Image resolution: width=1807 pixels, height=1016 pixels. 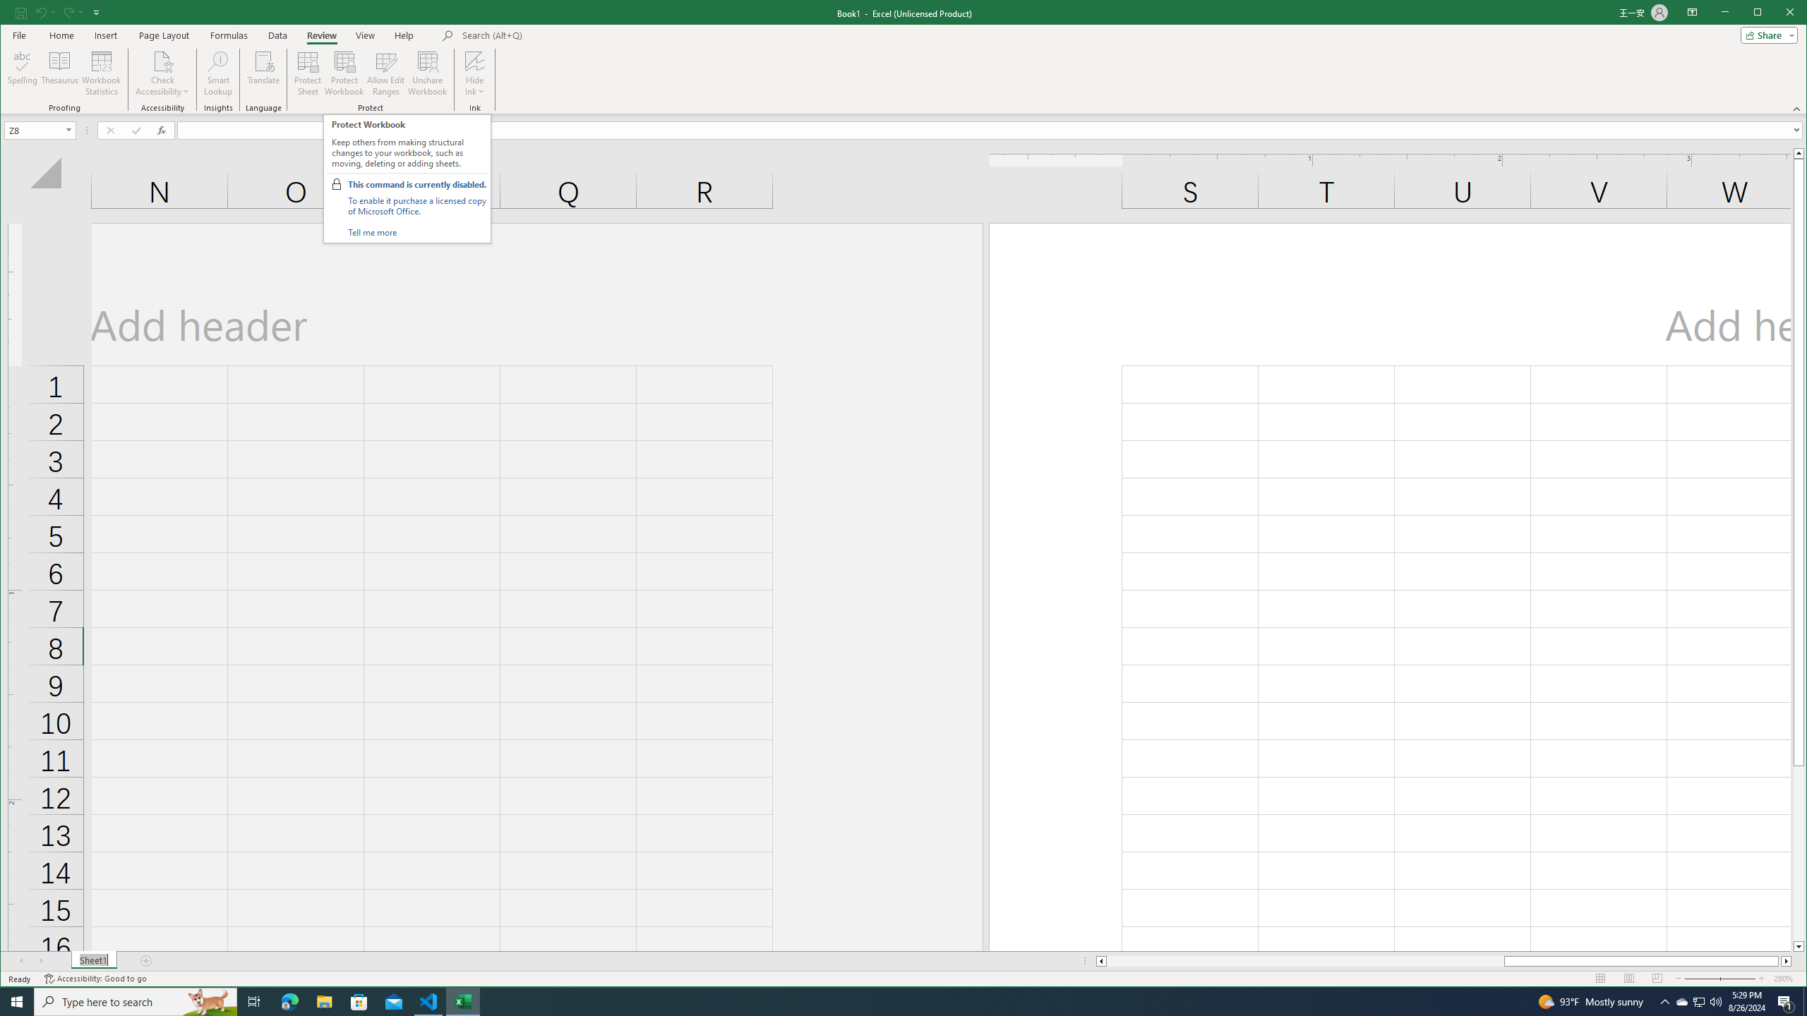 I want to click on 'Zoom', so click(x=1718, y=978).